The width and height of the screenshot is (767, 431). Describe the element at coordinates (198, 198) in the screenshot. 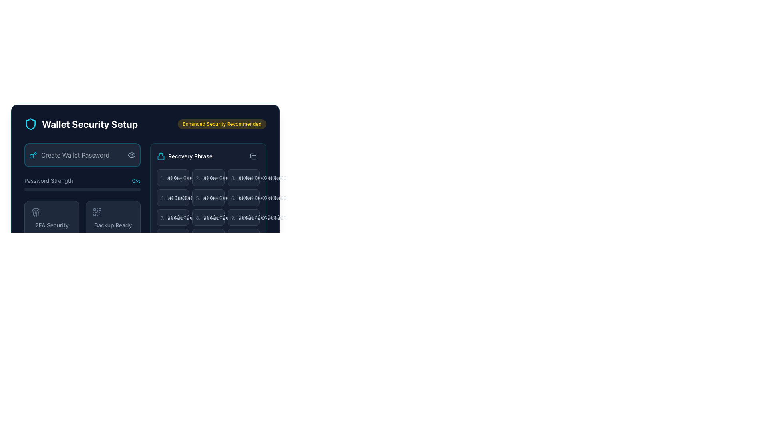

I see `visually on the text label displaying the number '5.' in light gray font, located in the top left corner of the recovery phrase card interface` at that location.